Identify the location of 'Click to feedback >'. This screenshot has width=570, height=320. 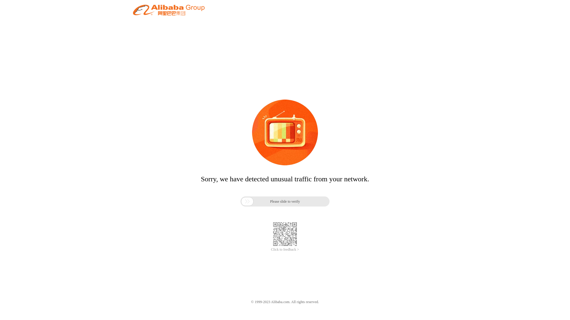
(285, 249).